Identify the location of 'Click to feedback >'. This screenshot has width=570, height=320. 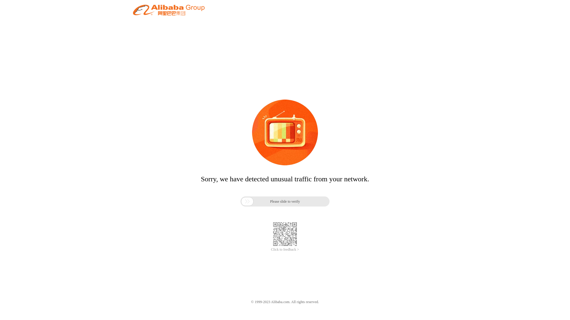
(285, 249).